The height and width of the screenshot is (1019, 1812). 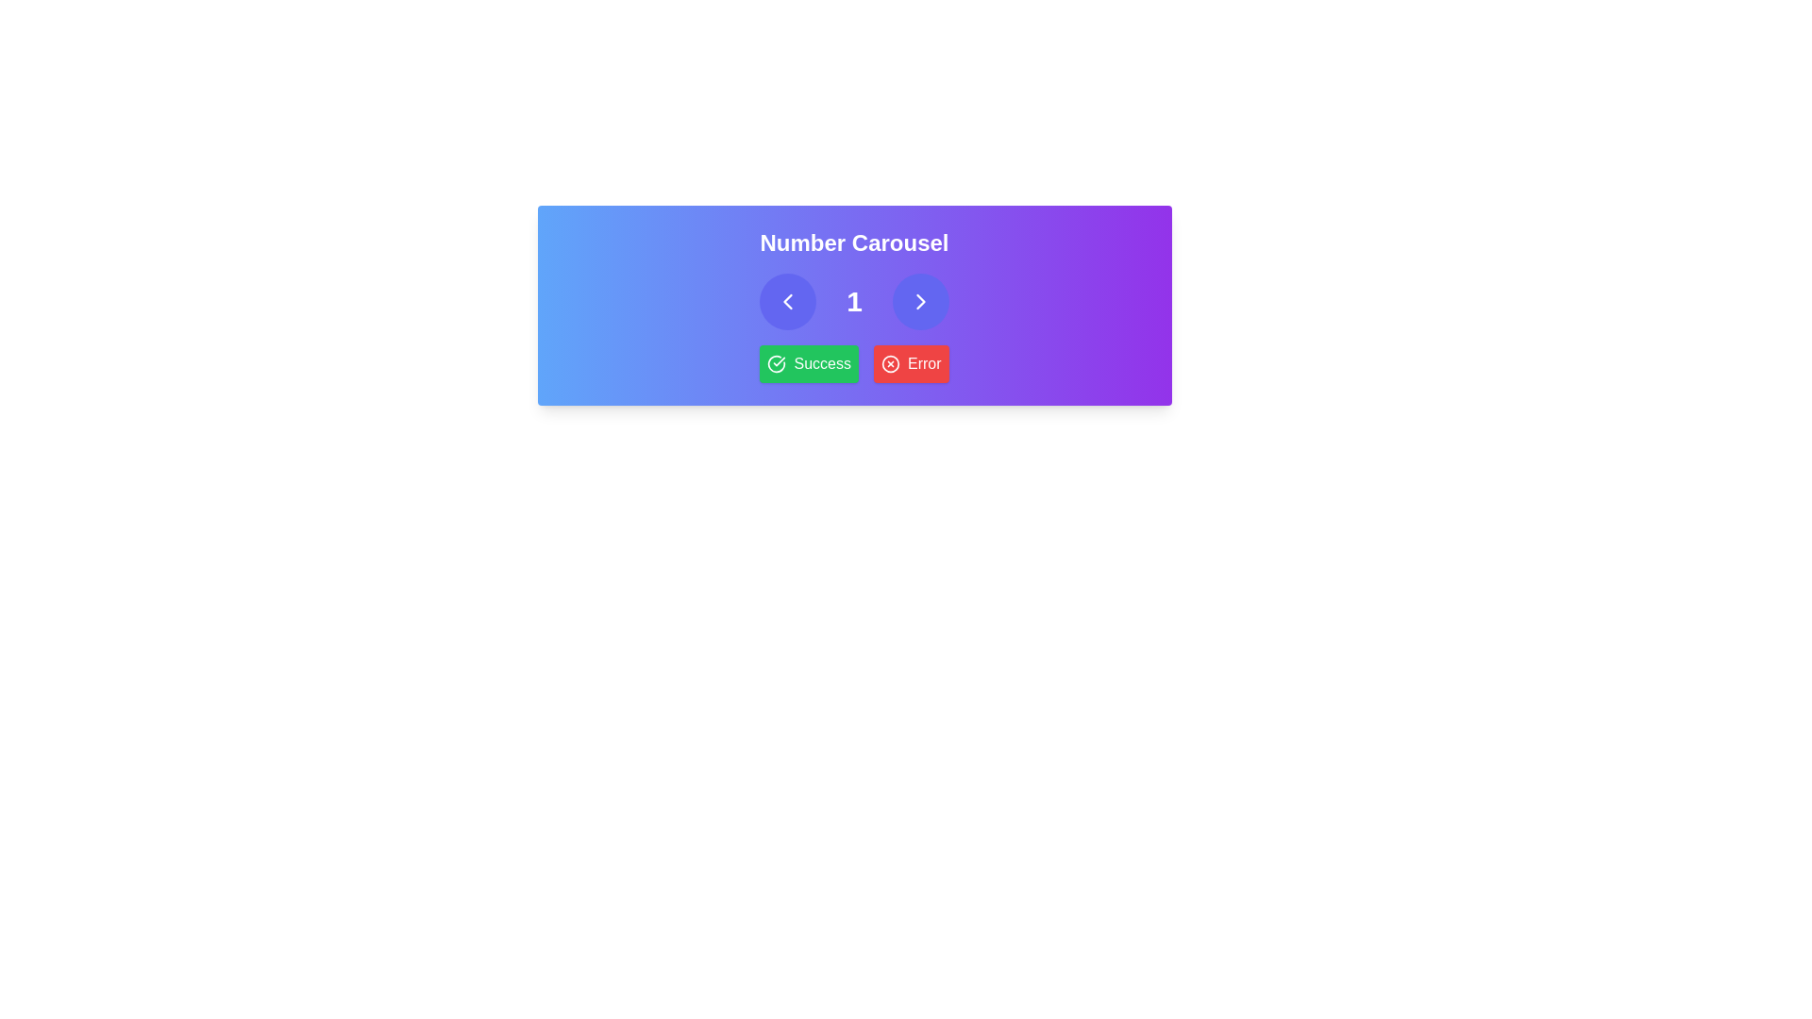 What do you see at coordinates (788, 301) in the screenshot?
I see `the left-pointing arrow icon located within the circular button on the left of the horizontal number selector` at bounding box center [788, 301].